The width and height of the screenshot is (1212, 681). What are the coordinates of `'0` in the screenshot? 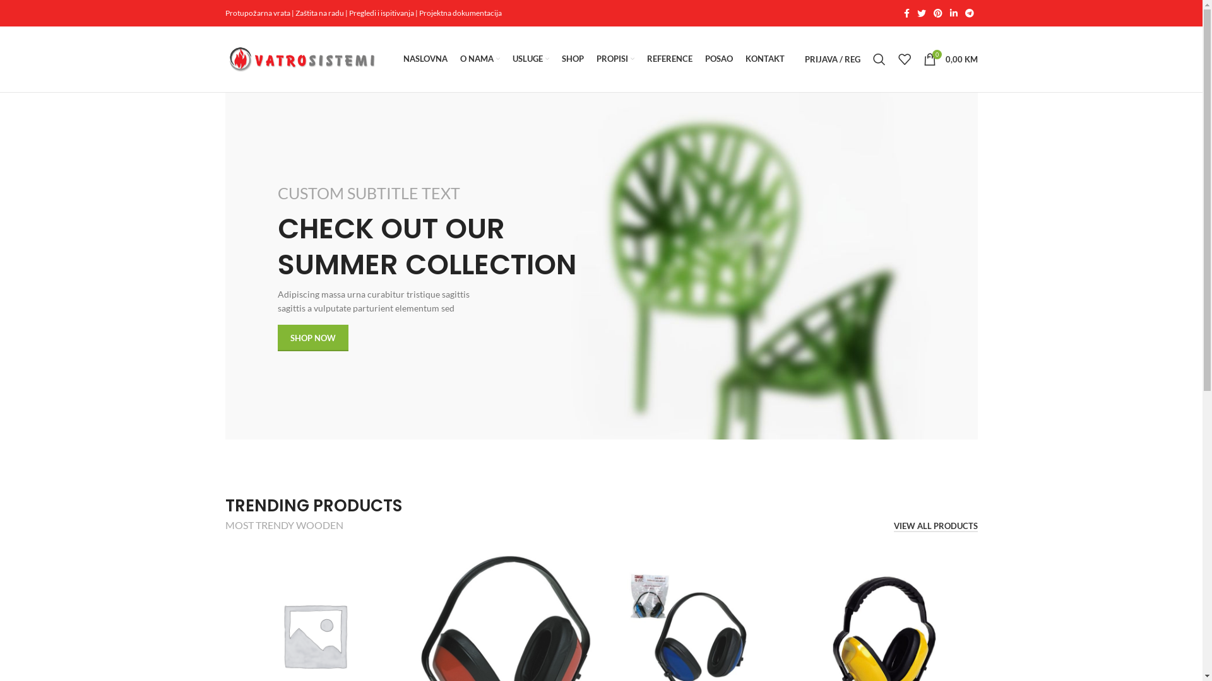 It's located at (950, 59).